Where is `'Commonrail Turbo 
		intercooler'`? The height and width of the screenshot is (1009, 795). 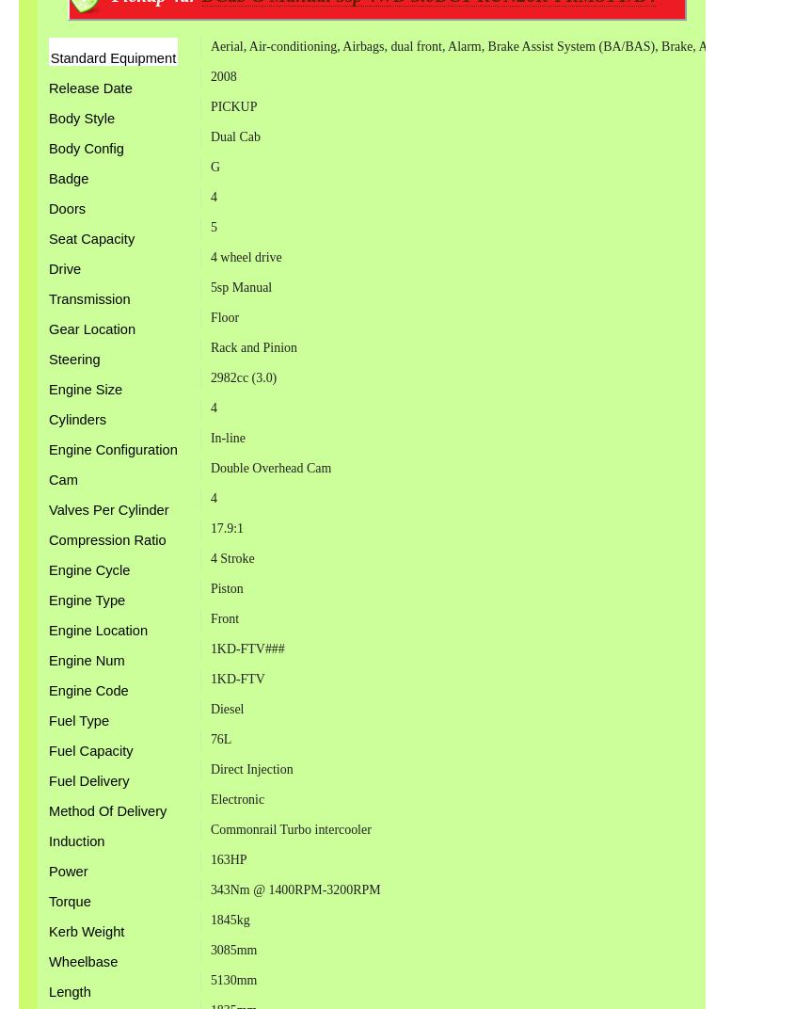
'Commonrail Turbo 
		intercooler' is located at coordinates (290, 829).